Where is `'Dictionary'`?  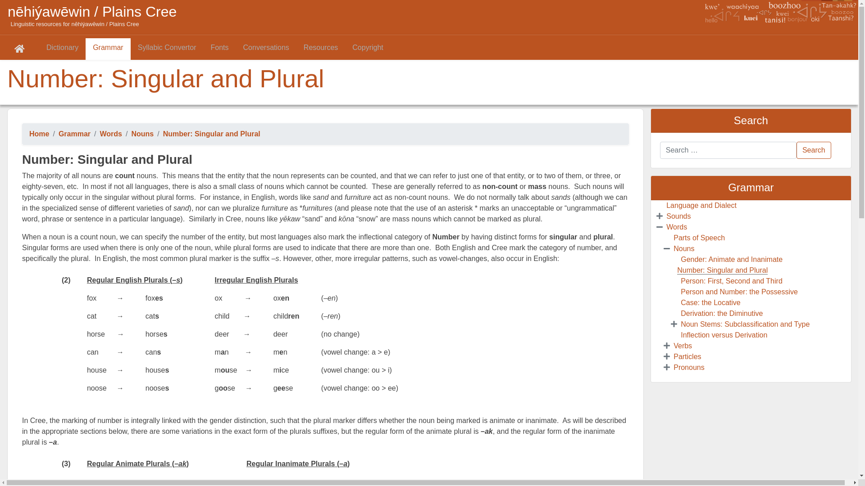
'Dictionary' is located at coordinates (62, 49).